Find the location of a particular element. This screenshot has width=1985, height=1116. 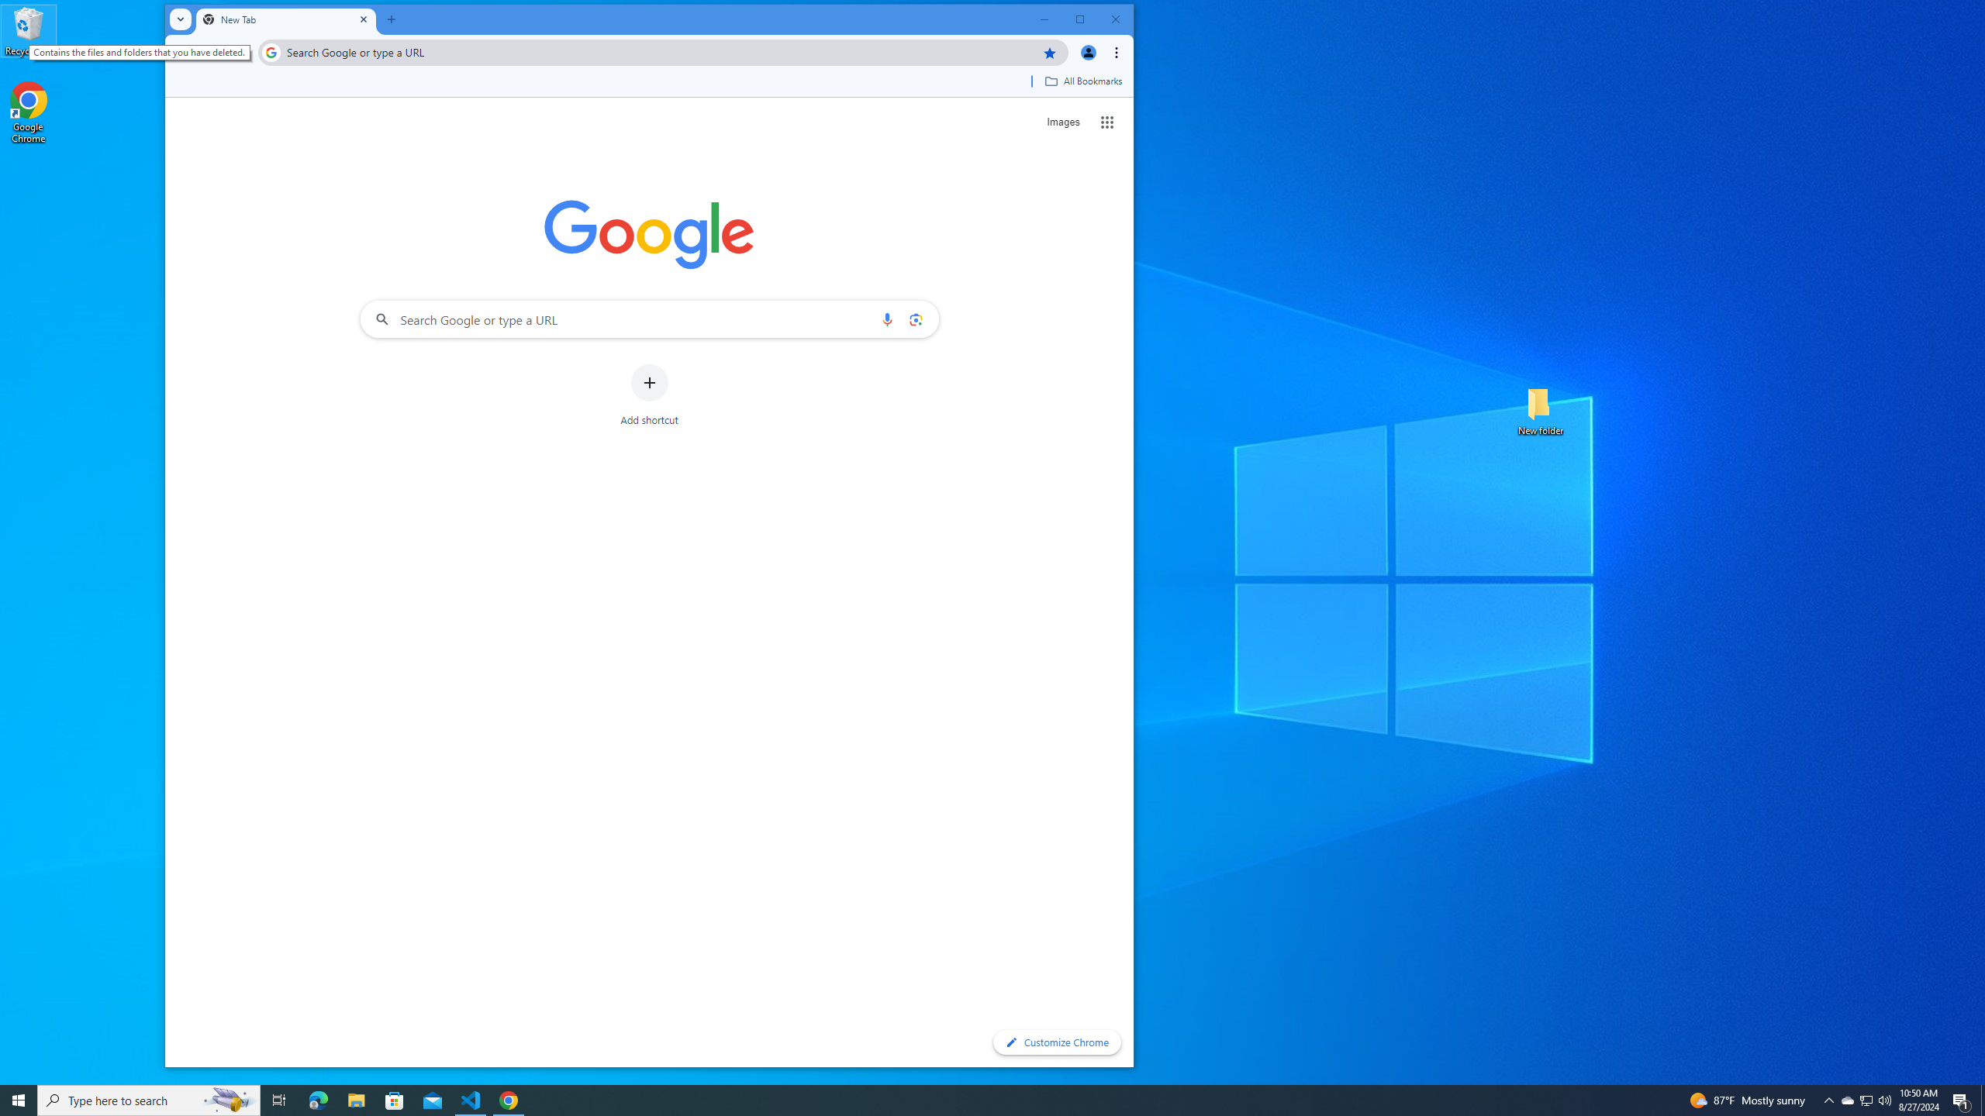

'New folder' is located at coordinates (1540, 409).